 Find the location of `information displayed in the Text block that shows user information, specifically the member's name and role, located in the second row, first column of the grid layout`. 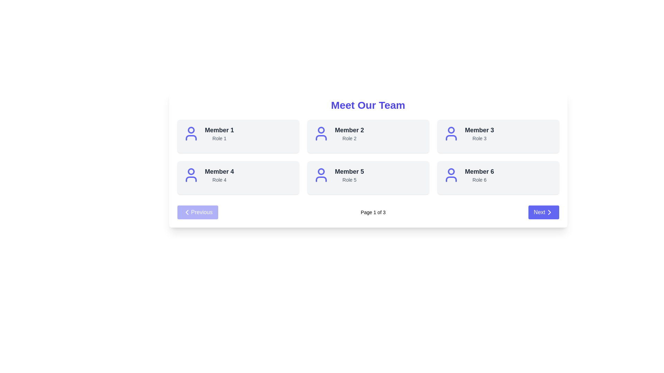

information displayed in the Text block that shows user information, specifically the member's name and role, located in the second row, first column of the grid layout is located at coordinates (219, 174).